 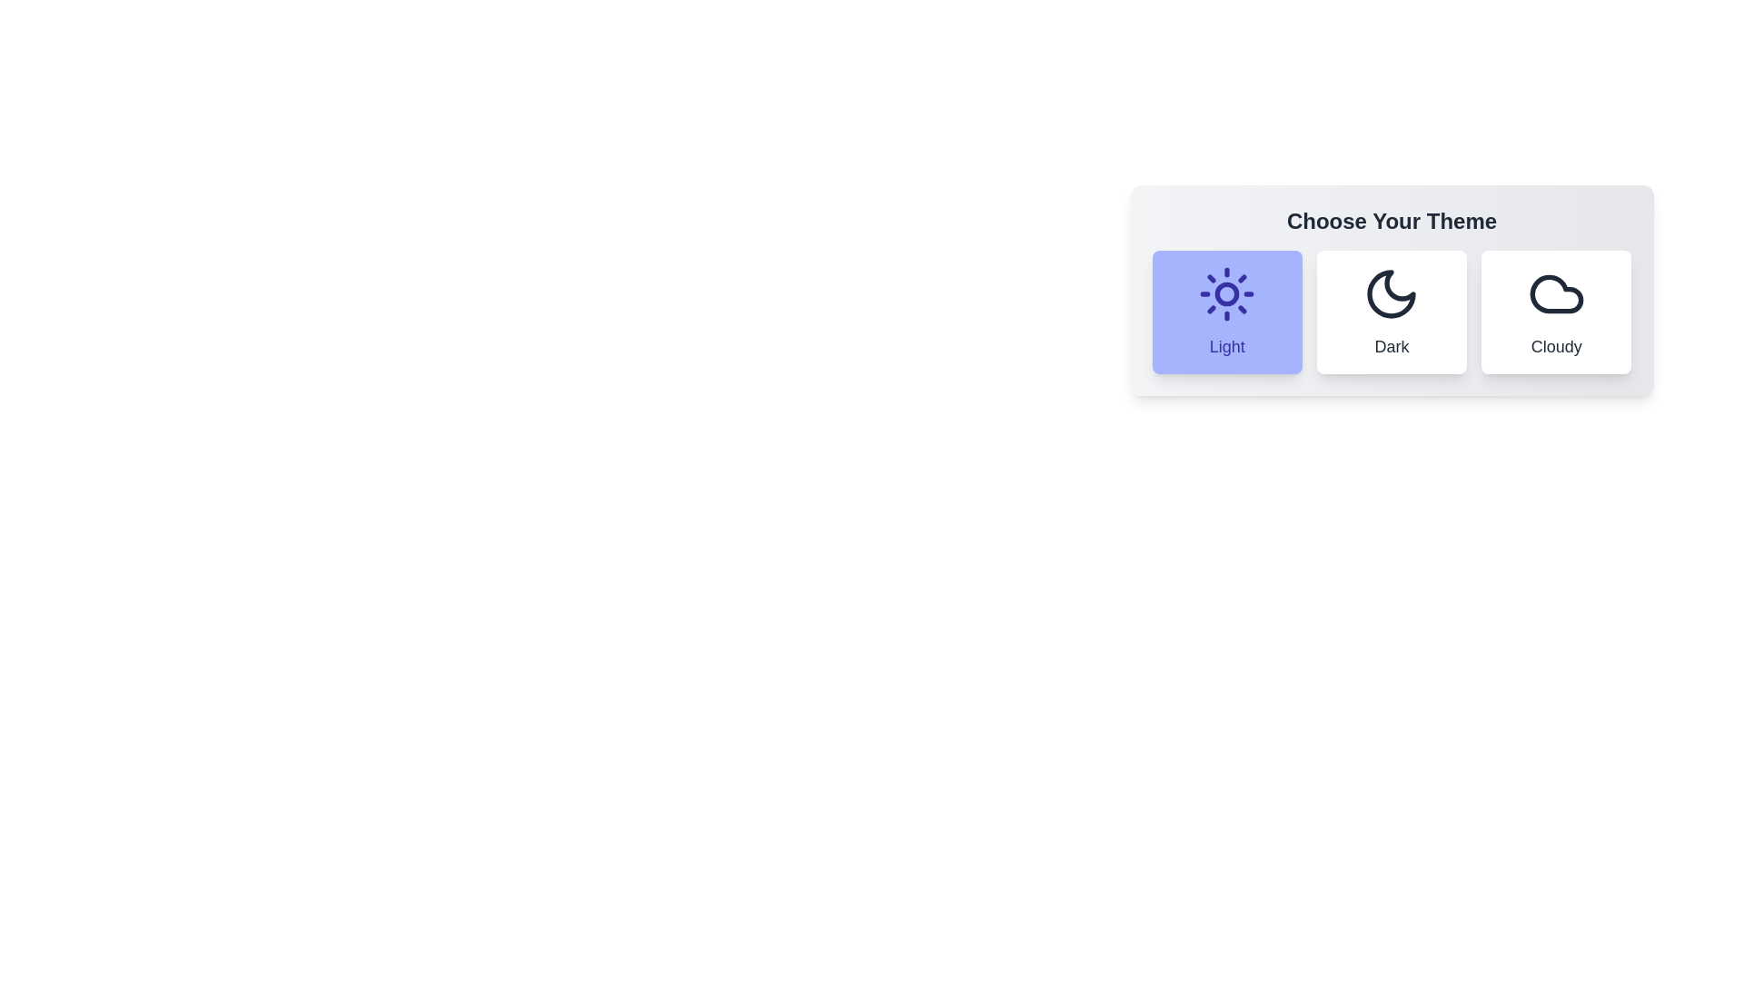 I want to click on the theme selection button labeled for the light theme located beneath the 'Choose Your Theme' heading, so click(x=1226, y=311).